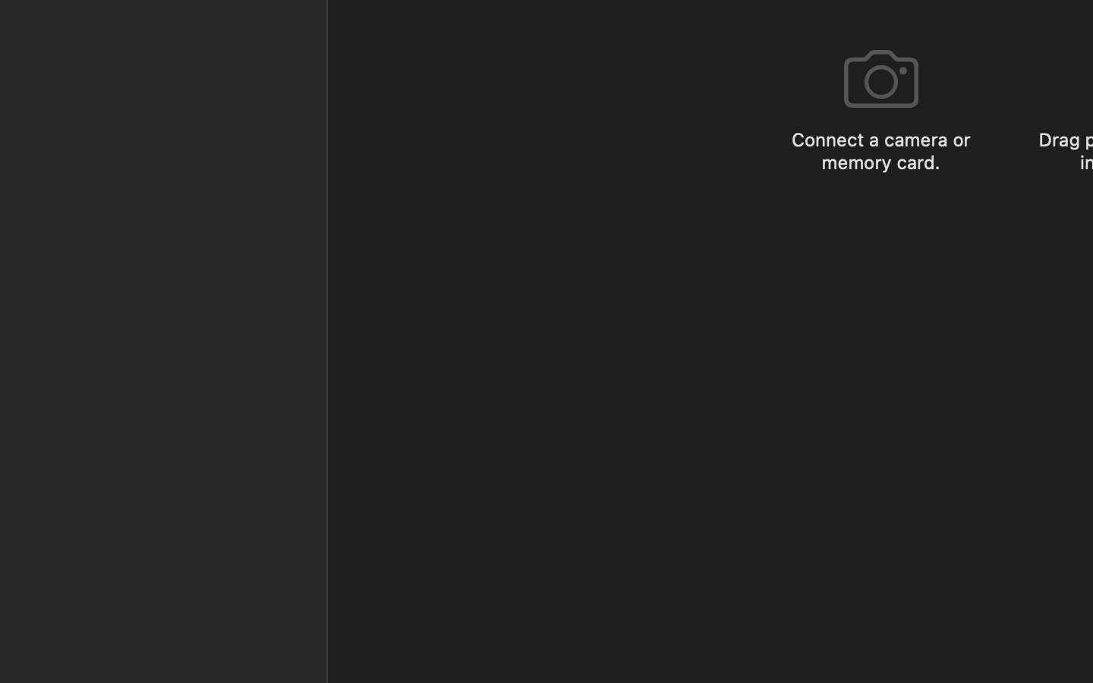 Image resolution: width=1093 pixels, height=683 pixels. I want to click on 'Connect a camera or memory card.', so click(880, 150).